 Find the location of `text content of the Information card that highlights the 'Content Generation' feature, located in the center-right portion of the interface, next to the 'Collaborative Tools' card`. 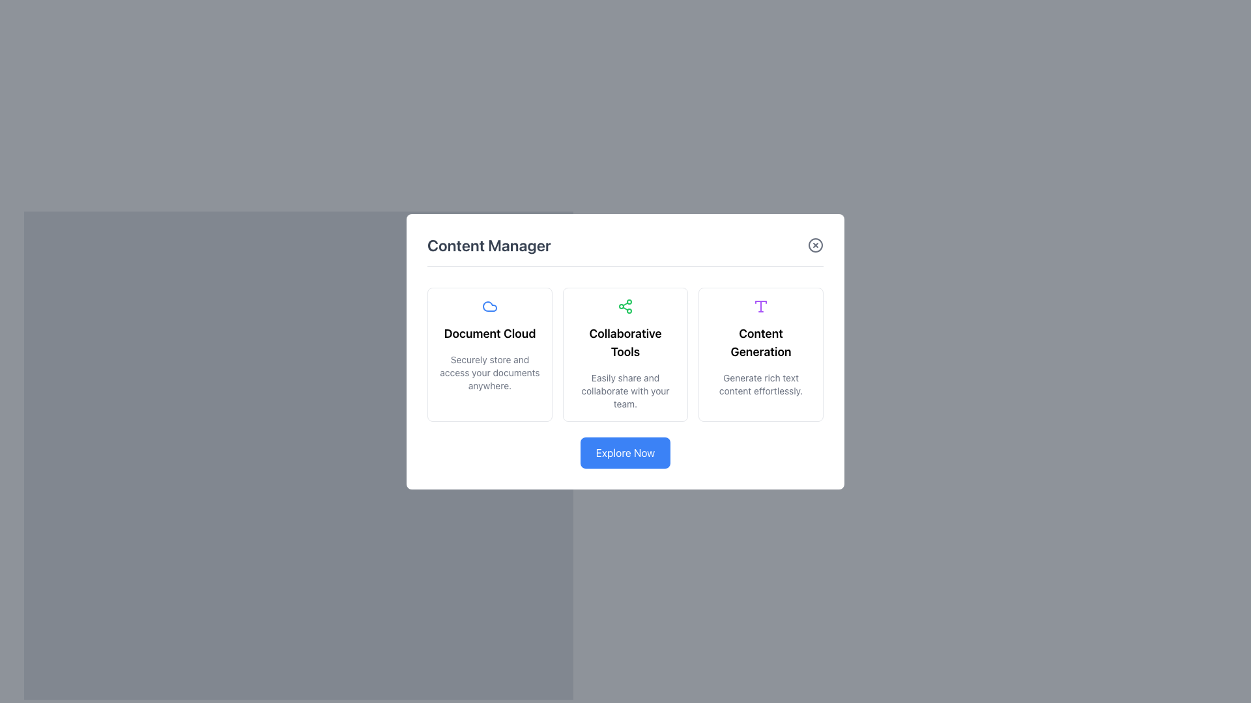

text content of the Information card that highlights the 'Content Generation' feature, located in the center-right portion of the interface, next to the 'Collaborative Tools' card is located at coordinates (760, 353).